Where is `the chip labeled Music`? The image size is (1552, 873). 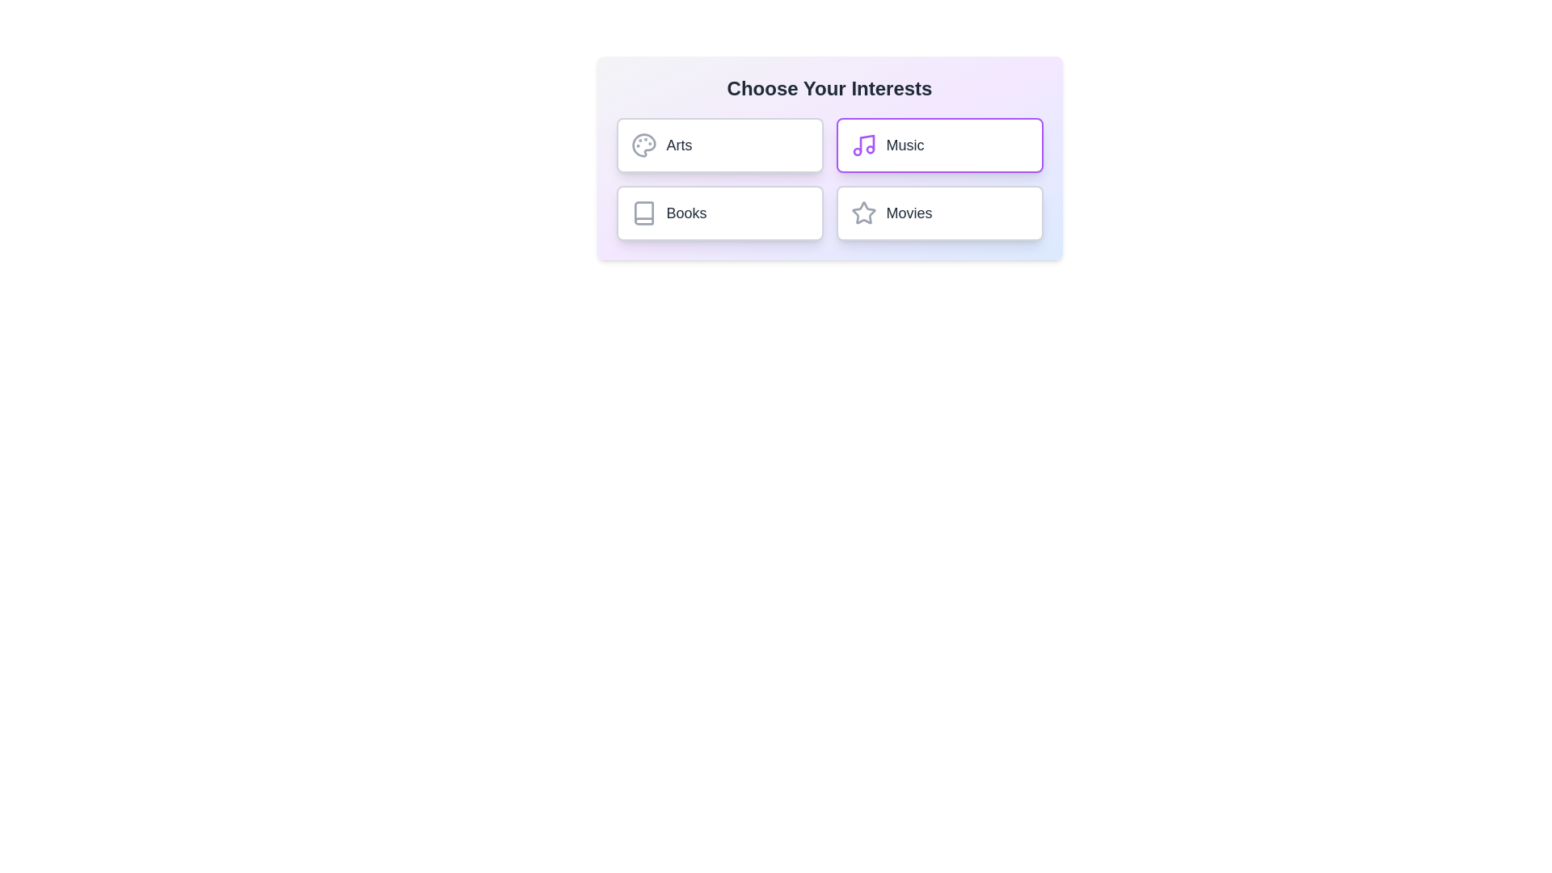 the chip labeled Music is located at coordinates (939, 145).